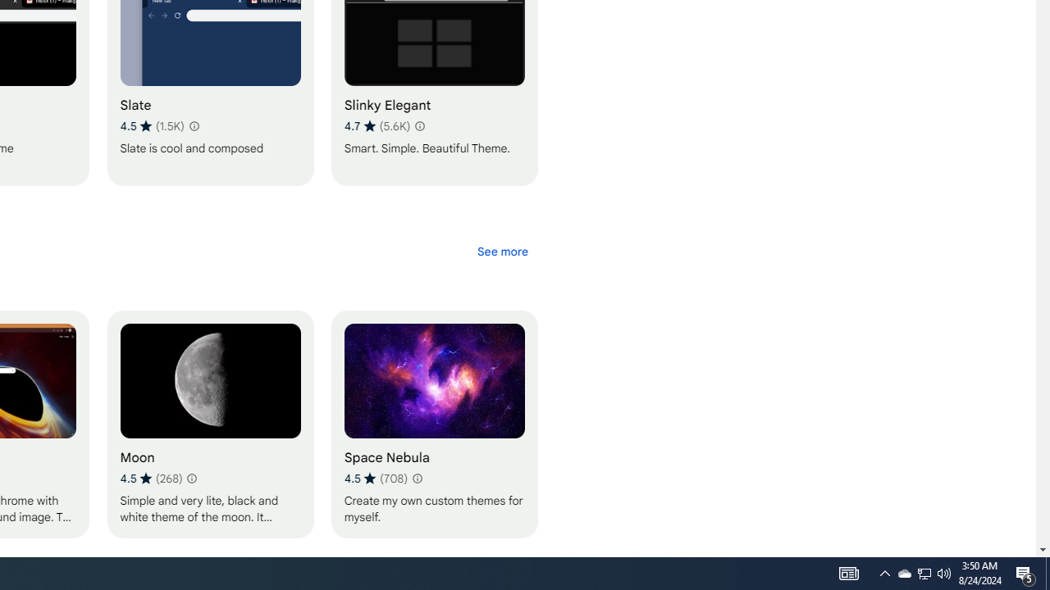  I want to click on 'Space Nebula', so click(434, 423).